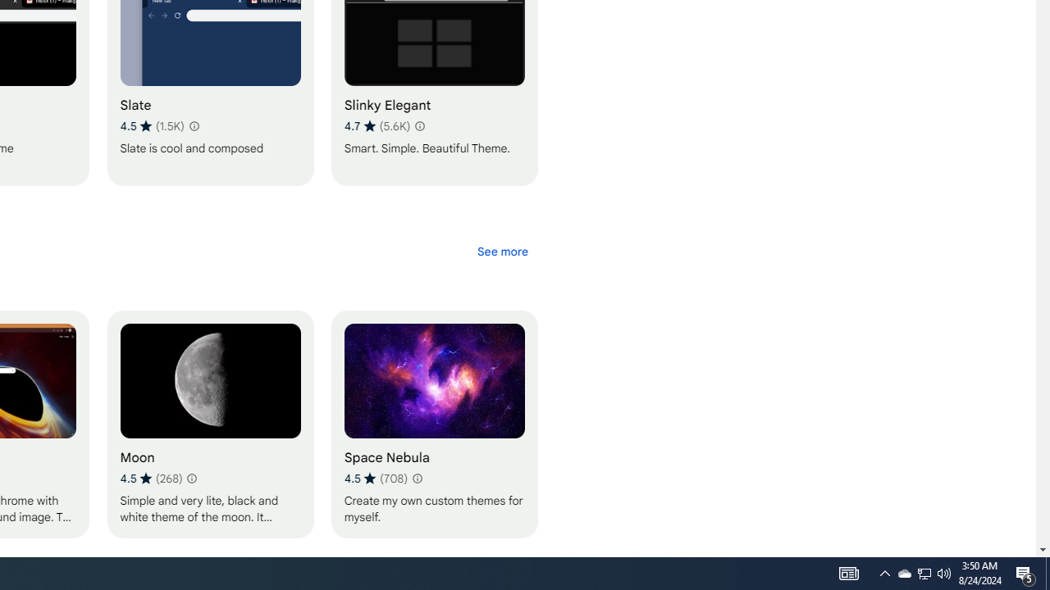  I want to click on 'Space Nebula', so click(434, 423).